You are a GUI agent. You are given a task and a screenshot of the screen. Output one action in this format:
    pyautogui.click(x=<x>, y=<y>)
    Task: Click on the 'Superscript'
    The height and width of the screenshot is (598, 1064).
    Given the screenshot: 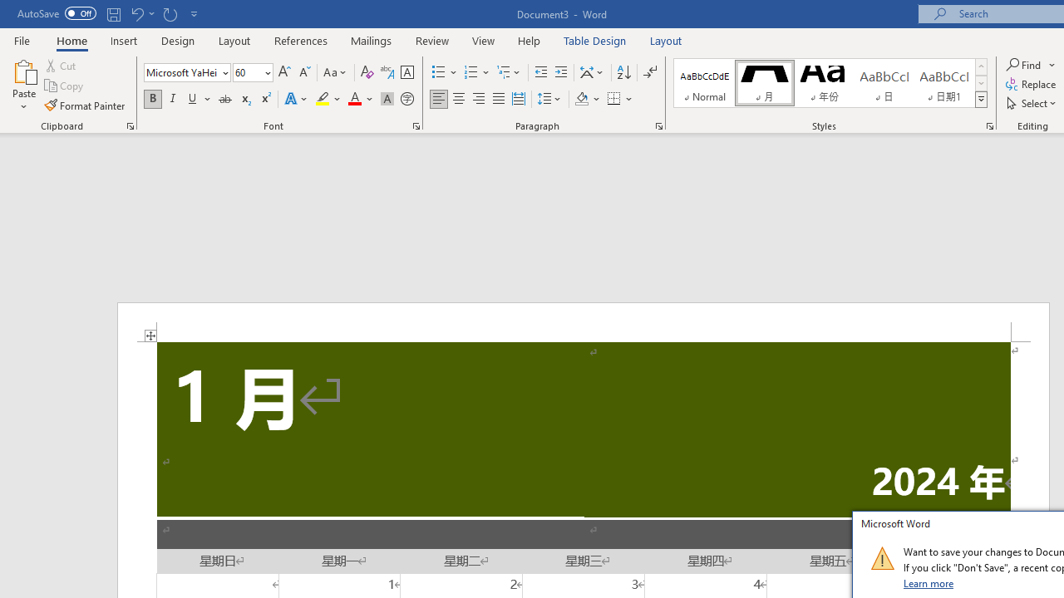 What is the action you would take?
    pyautogui.click(x=264, y=99)
    